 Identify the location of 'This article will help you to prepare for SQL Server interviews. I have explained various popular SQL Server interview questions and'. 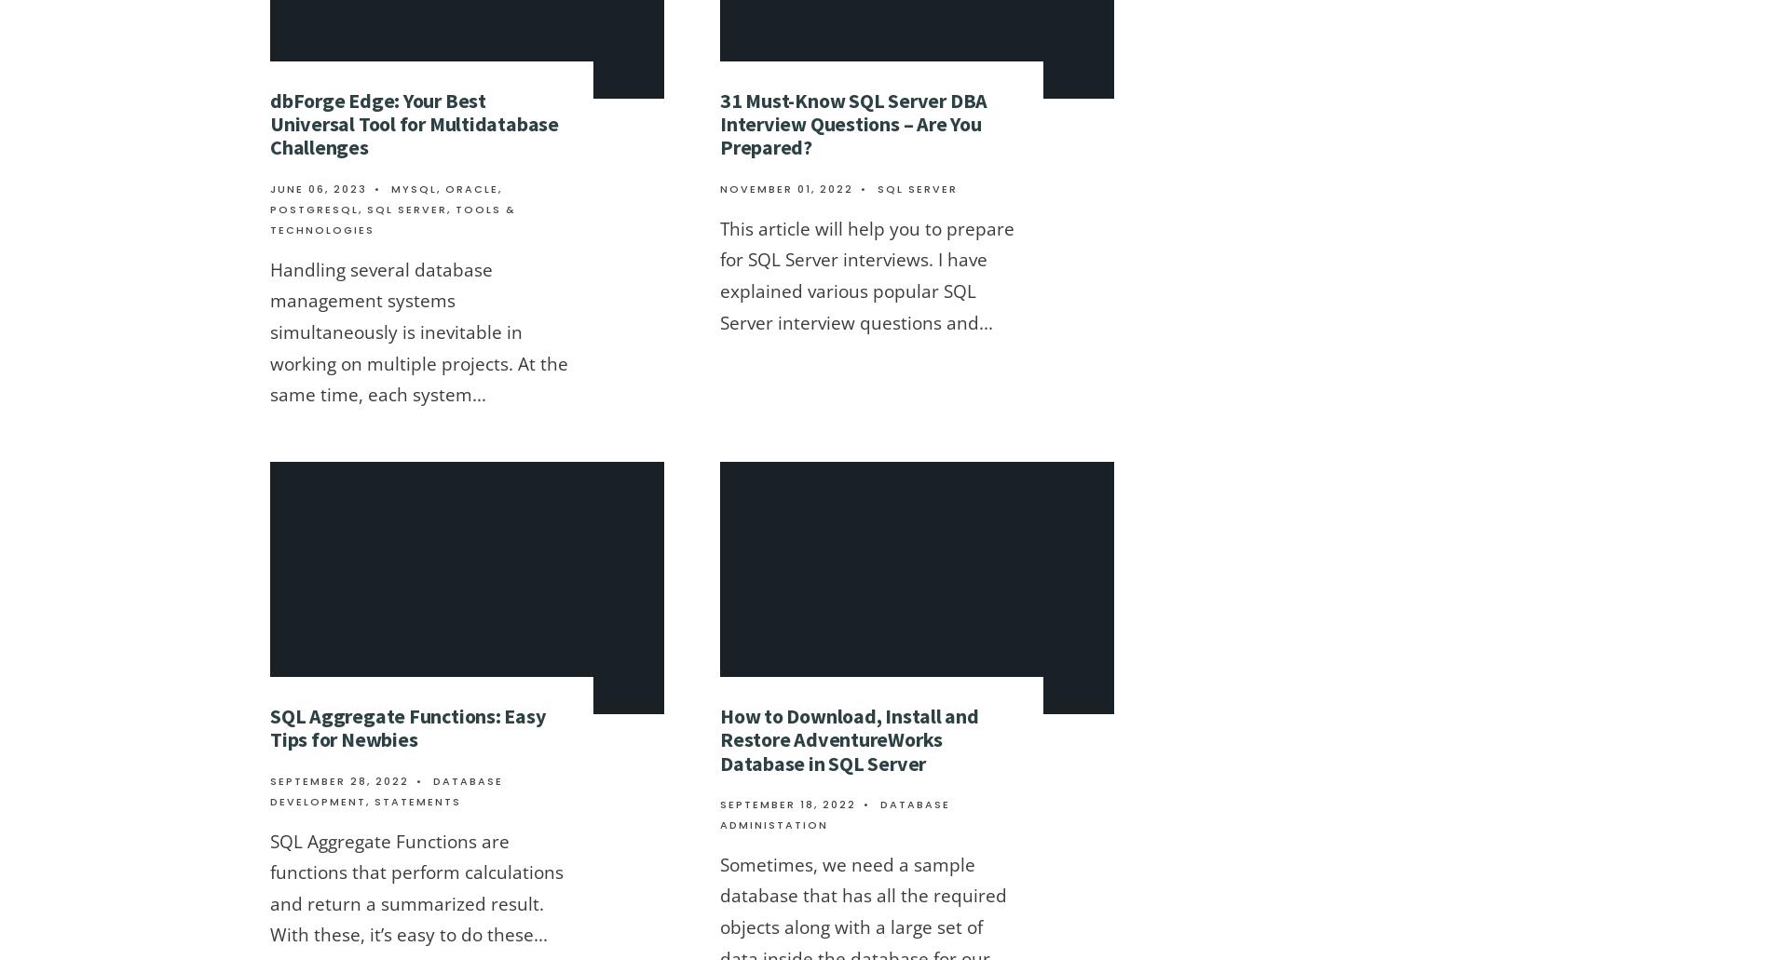
(866, 274).